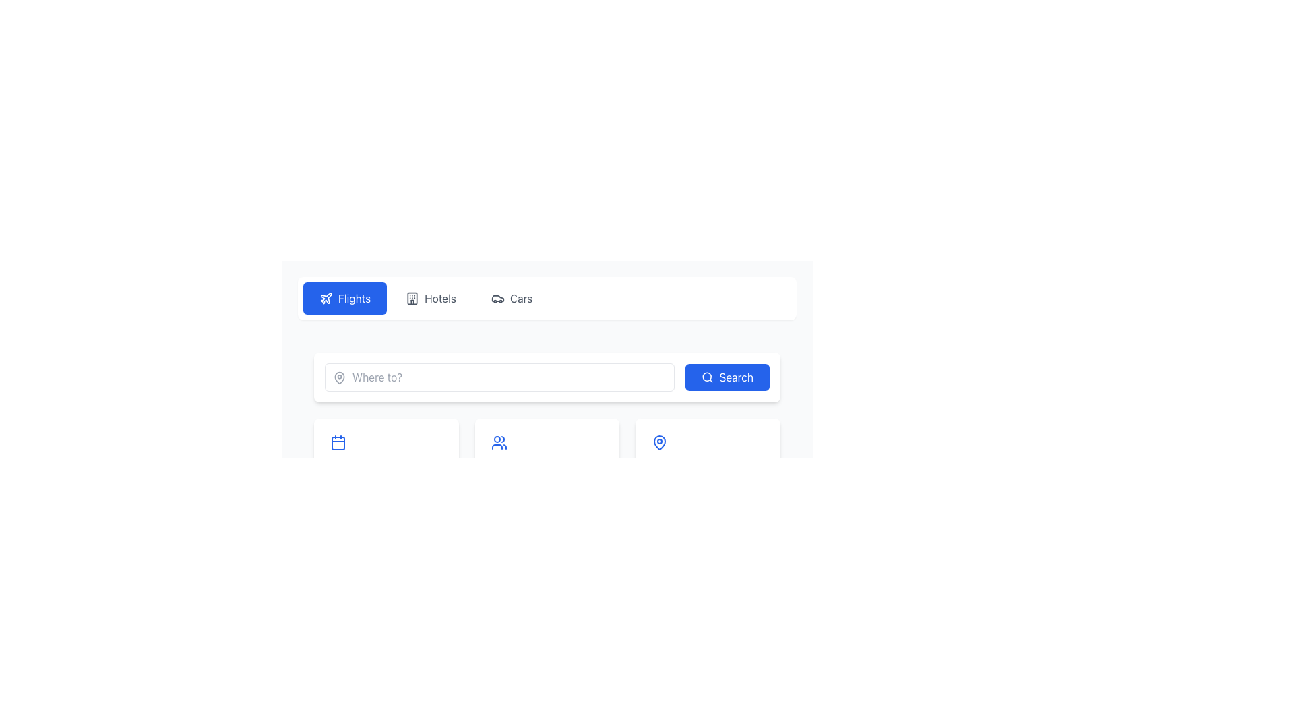 This screenshot has width=1294, height=728. I want to click on the calendar icon representing the 'Flexible Dates' feature by moving the cursor to its center point, so click(338, 442).